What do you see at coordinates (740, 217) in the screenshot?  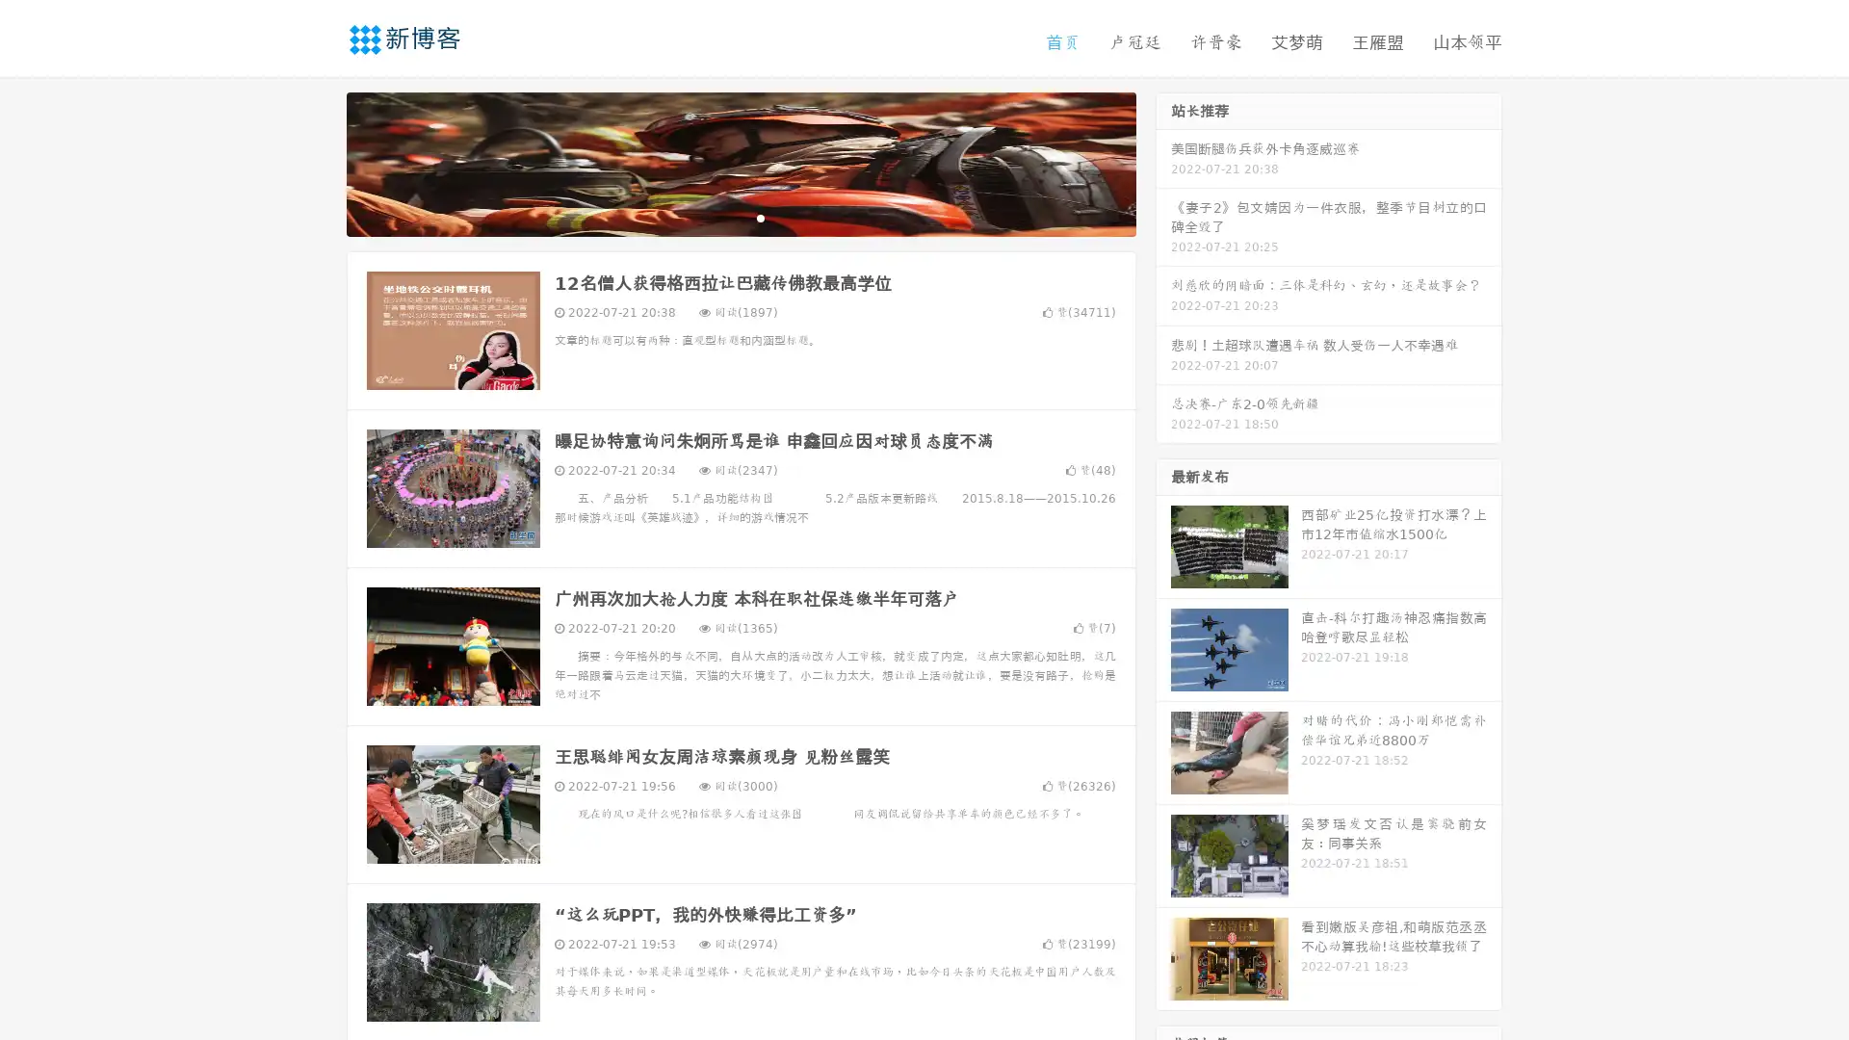 I see `Go to slide 2` at bounding box center [740, 217].